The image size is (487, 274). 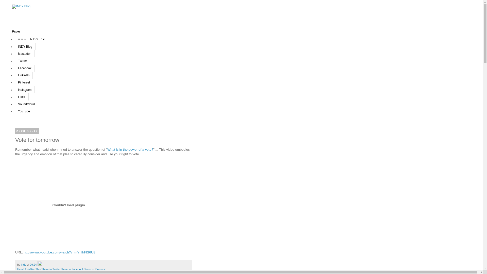 What do you see at coordinates (60, 252) in the screenshot?
I see `'http://www.youtube.com/watch?v=mYnfhFlS6U8'` at bounding box center [60, 252].